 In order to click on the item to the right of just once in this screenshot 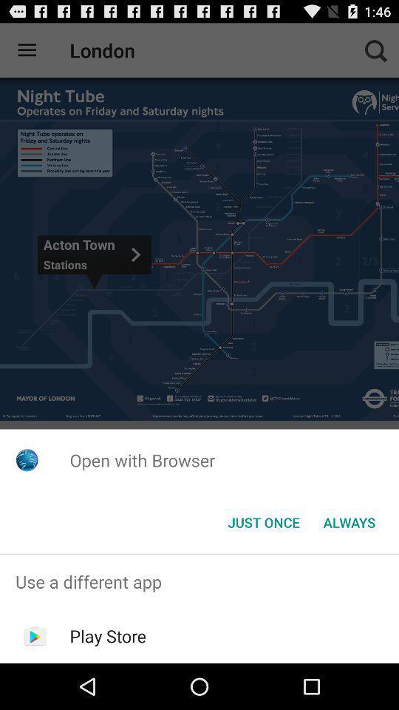, I will do `click(349, 522)`.